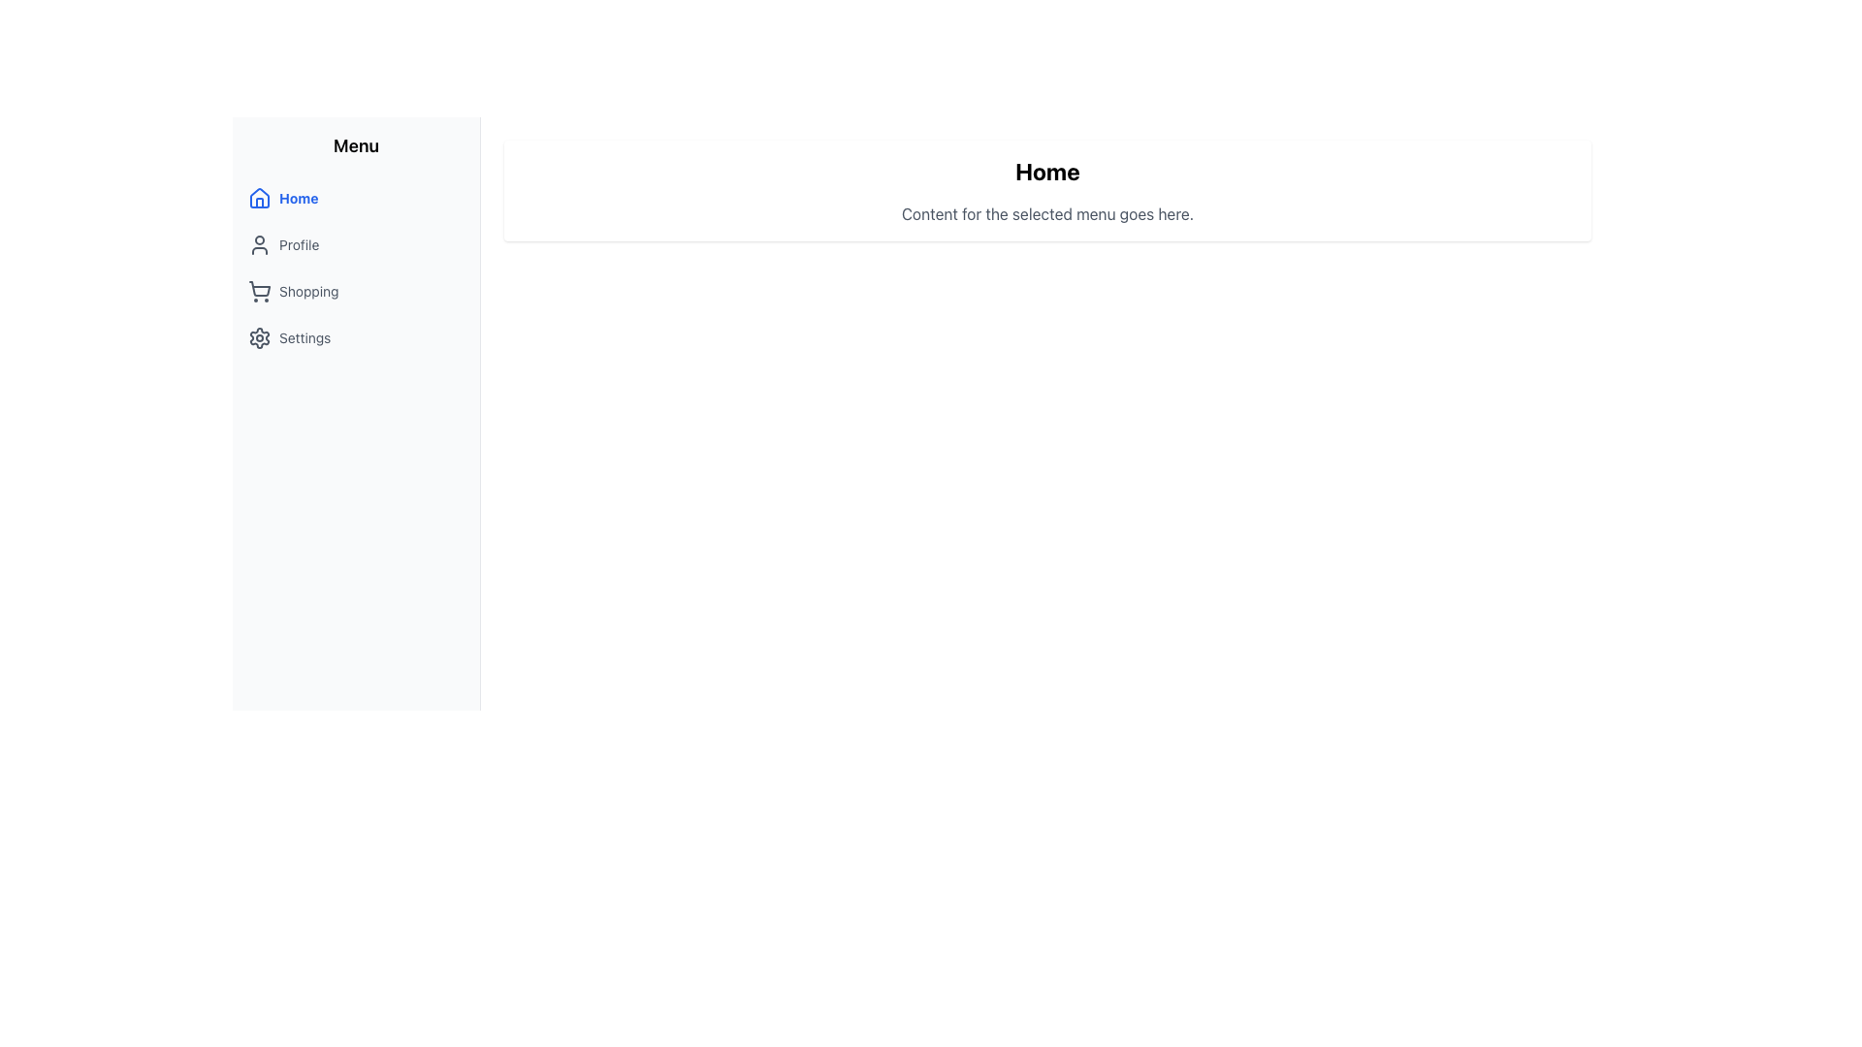  Describe the element at coordinates (307, 291) in the screenshot. I see `the 'Shopping' text label in the side navigation menu` at that location.